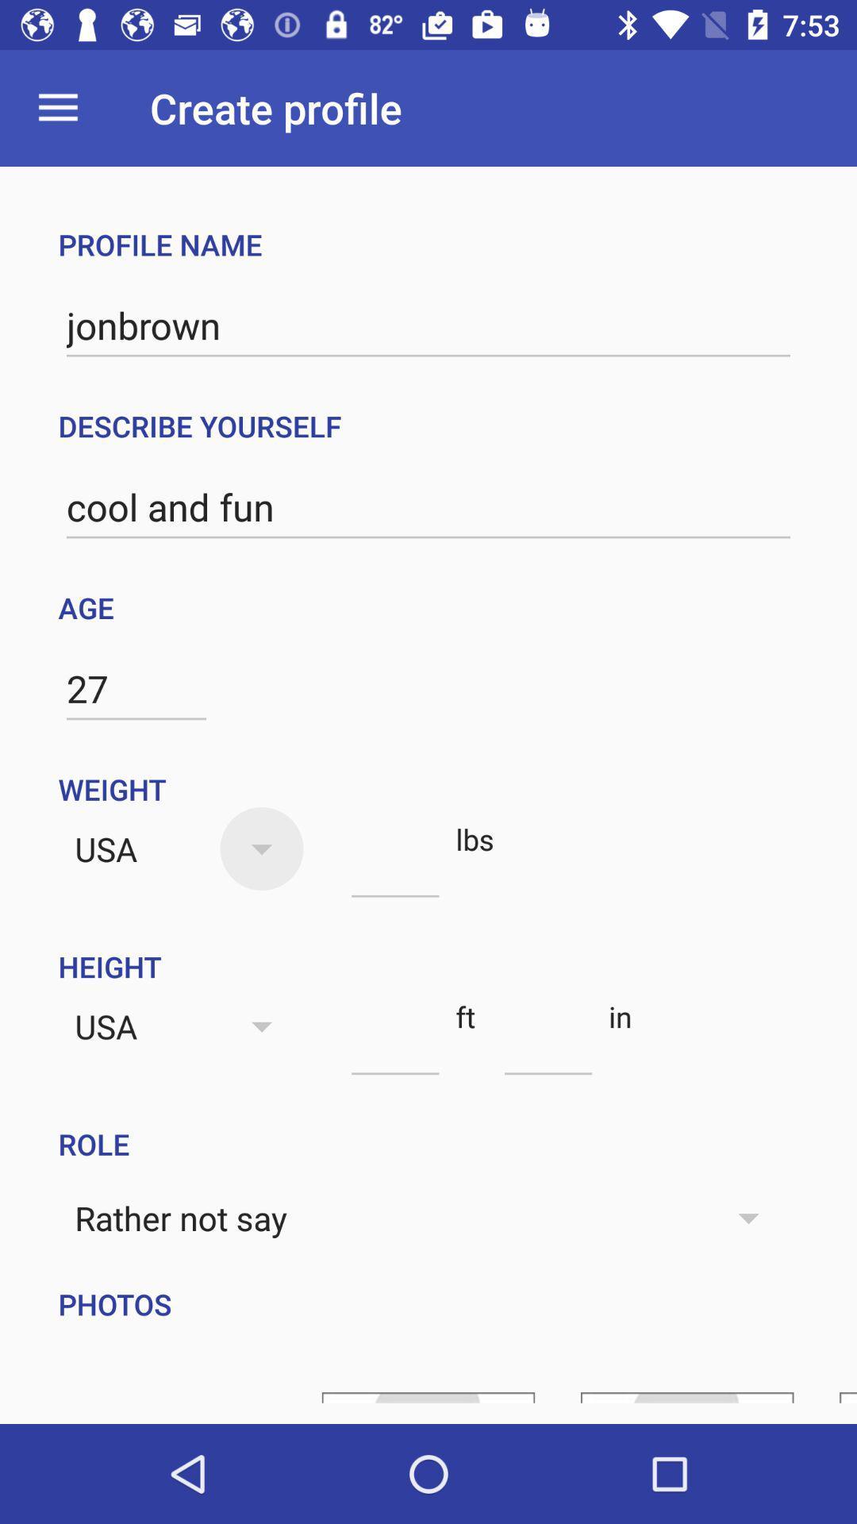 The height and width of the screenshot is (1524, 857). What do you see at coordinates (136, 689) in the screenshot?
I see `item below the age icon` at bounding box center [136, 689].